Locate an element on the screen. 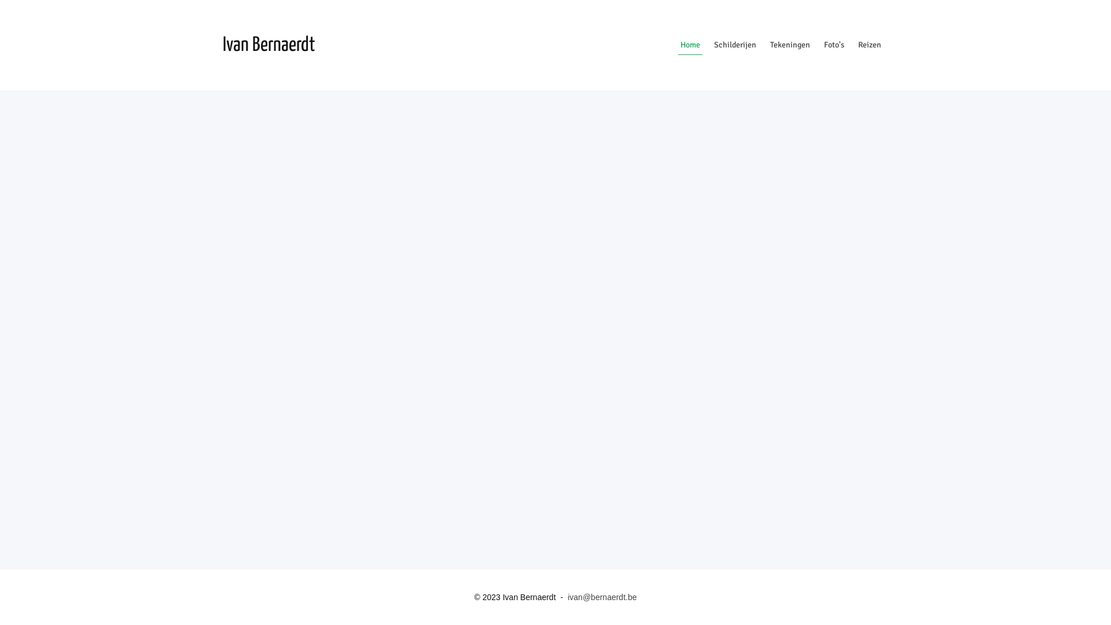 The height and width of the screenshot is (625, 1111). 'Tekeningen' is located at coordinates (789, 44).